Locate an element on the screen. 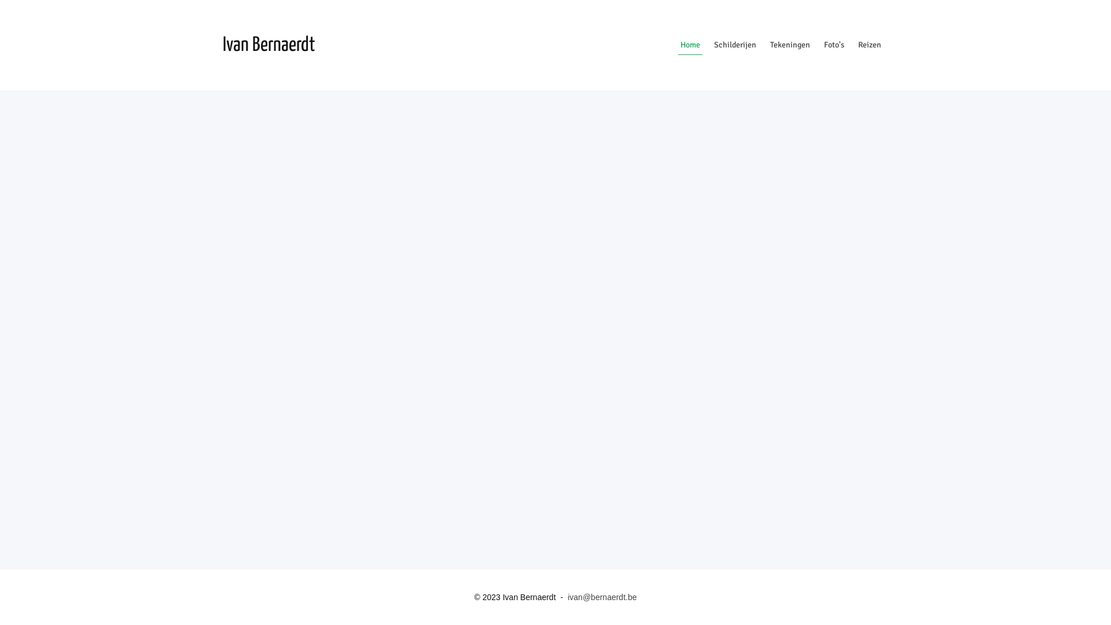 The height and width of the screenshot is (625, 1111). 'Tekeningen' is located at coordinates (789, 44).